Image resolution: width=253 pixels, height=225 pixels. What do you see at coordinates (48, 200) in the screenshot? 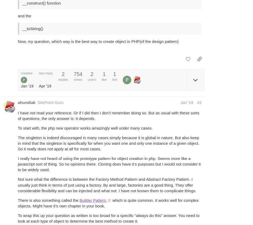
I see `'There is also something called the'` at bounding box center [48, 200].